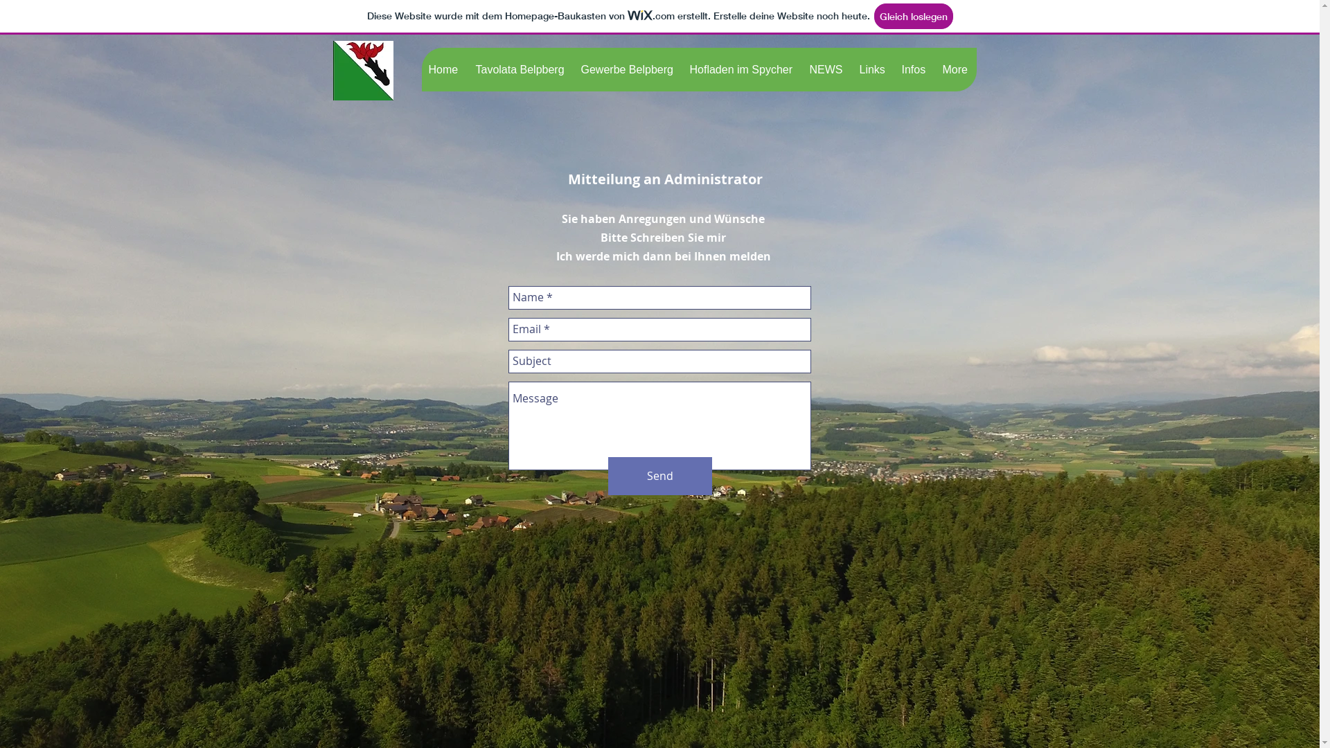 Image resolution: width=1330 pixels, height=748 pixels. What do you see at coordinates (444, 69) in the screenshot?
I see `'Home'` at bounding box center [444, 69].